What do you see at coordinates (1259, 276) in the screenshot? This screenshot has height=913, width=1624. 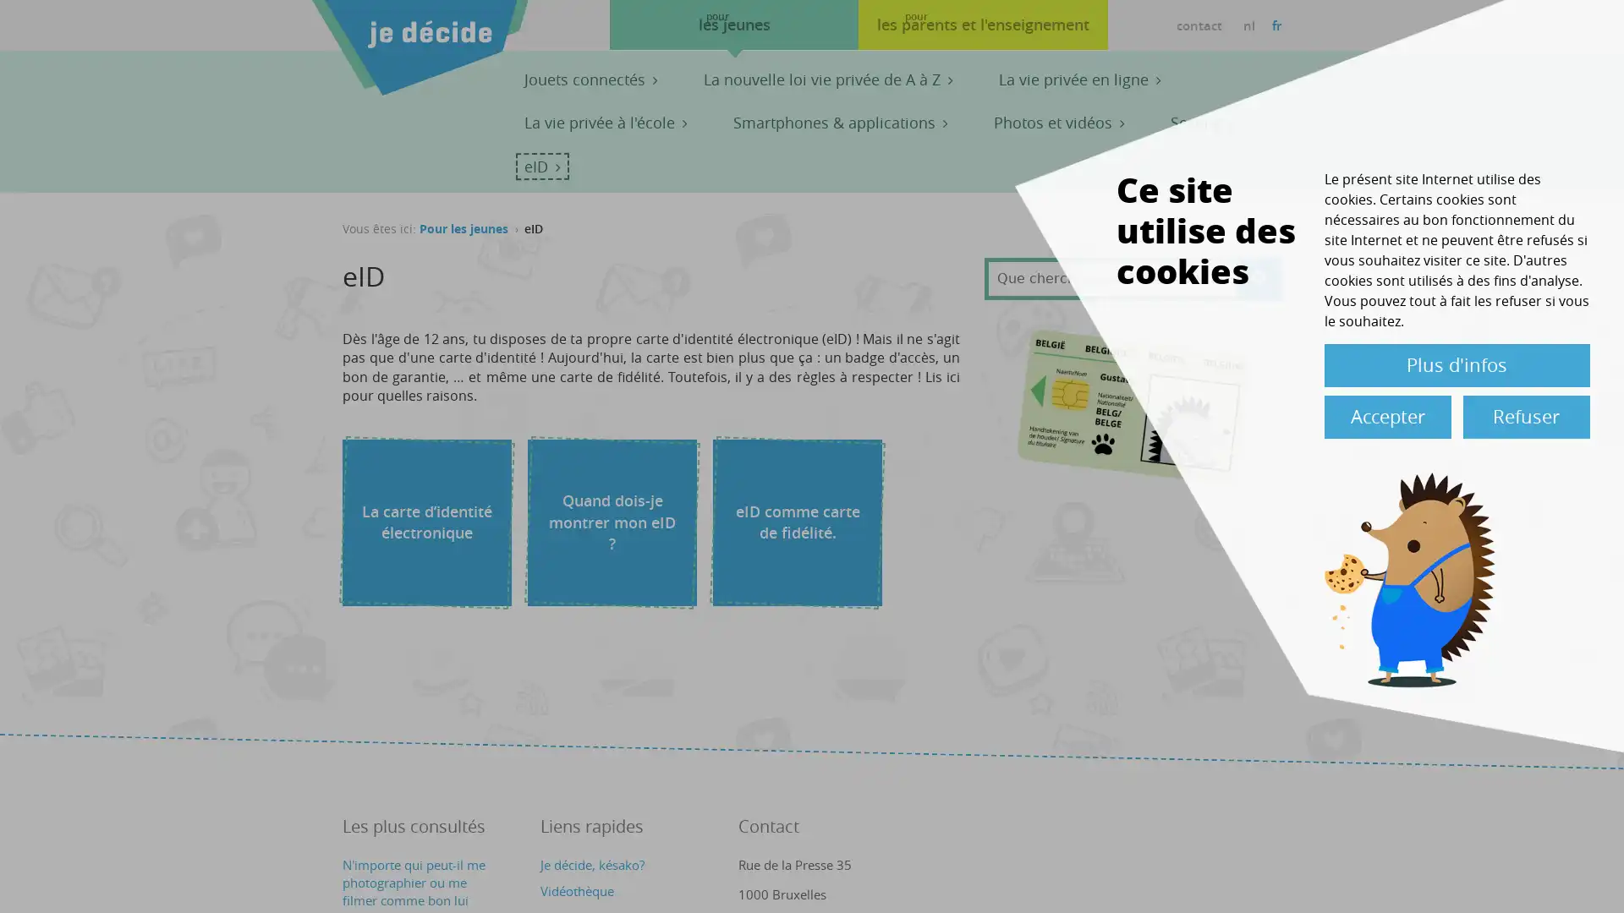 I see `Apply` at bounding box center [1259, 276].